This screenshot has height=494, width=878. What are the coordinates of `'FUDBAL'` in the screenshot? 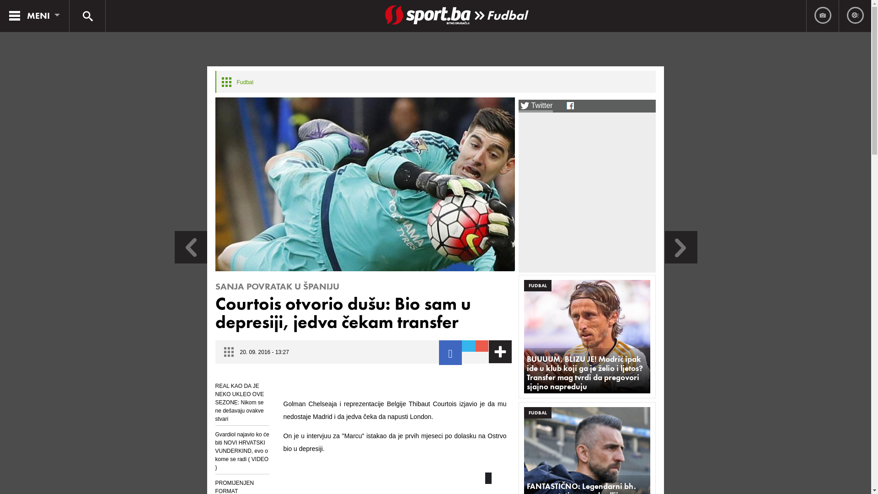 It's located at (538, 413).